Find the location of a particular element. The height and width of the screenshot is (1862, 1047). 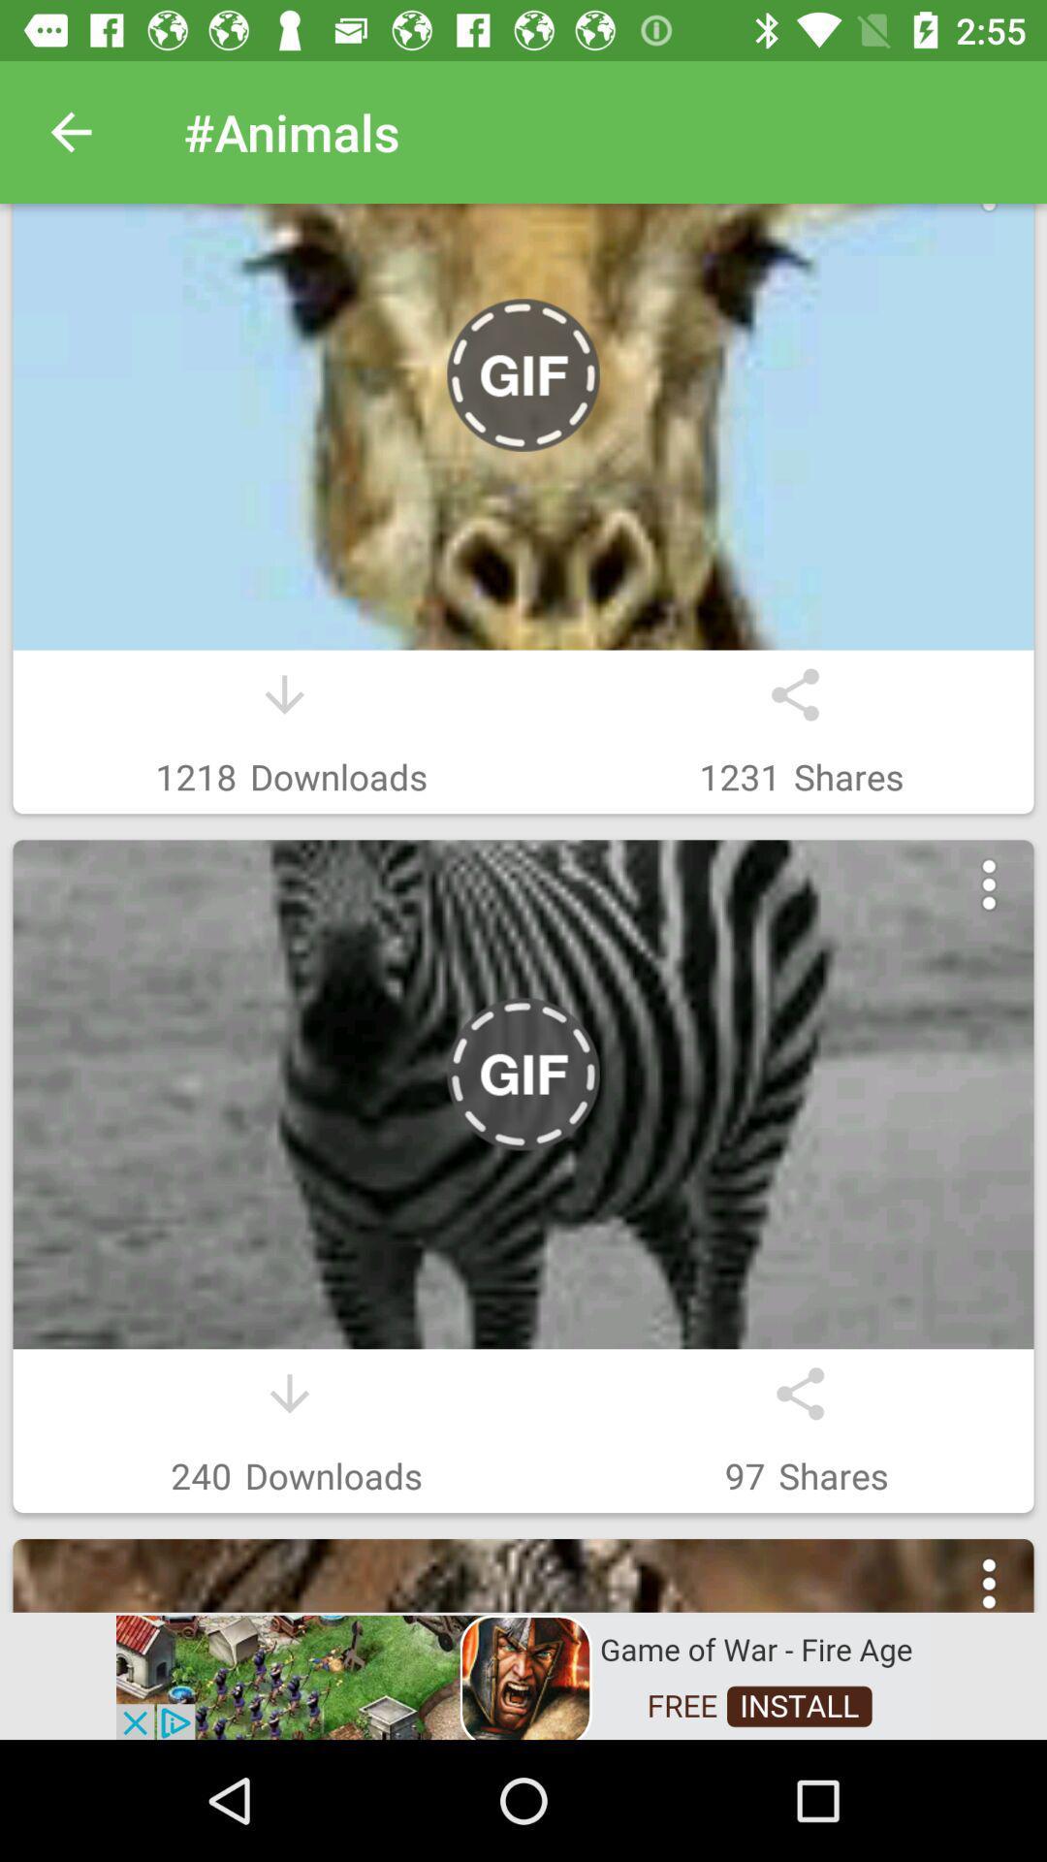

the gif which has the picture of zebra is located at coordinates (523, 1094).